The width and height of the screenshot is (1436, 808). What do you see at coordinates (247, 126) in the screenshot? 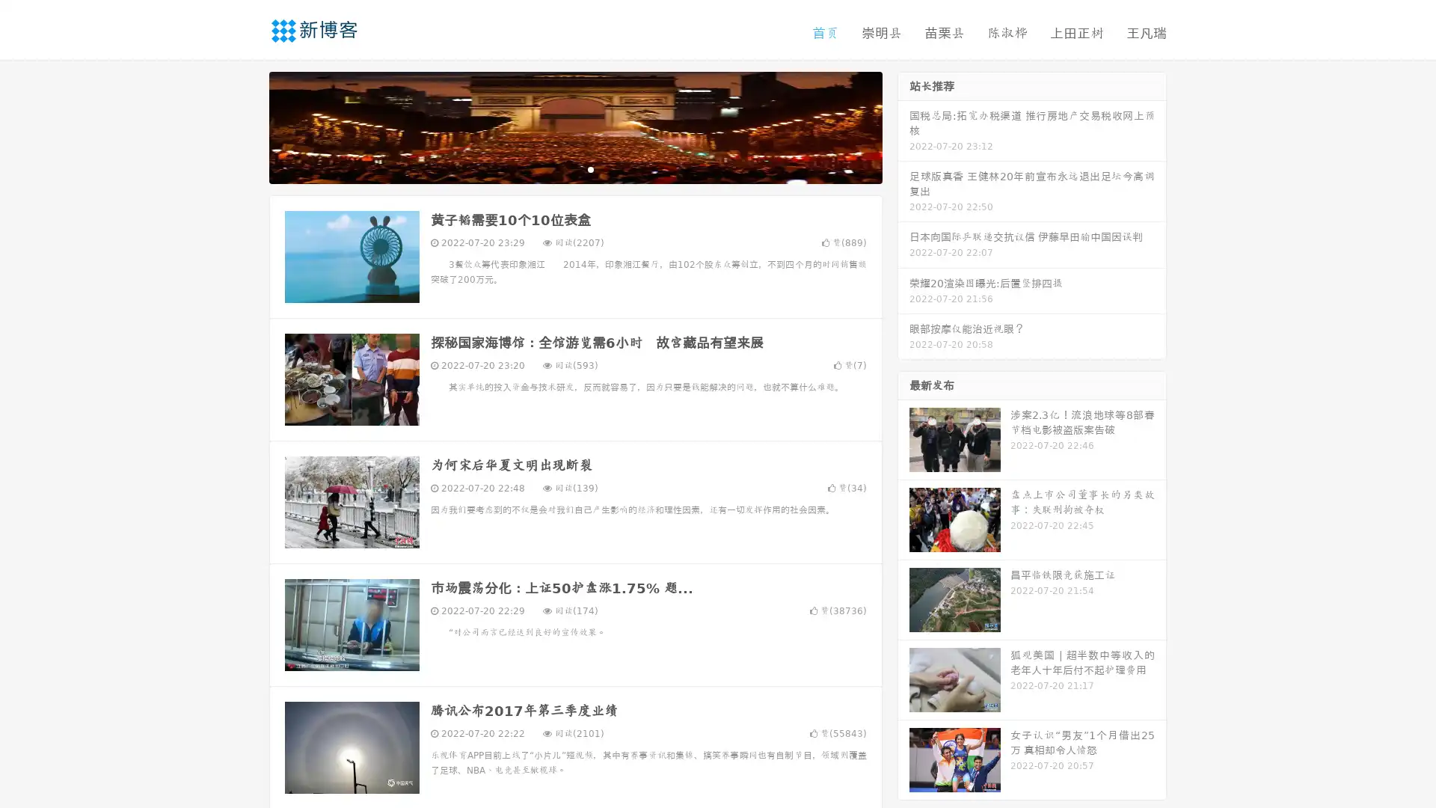
I see `Previous slide` at bounding box center [247, 126].